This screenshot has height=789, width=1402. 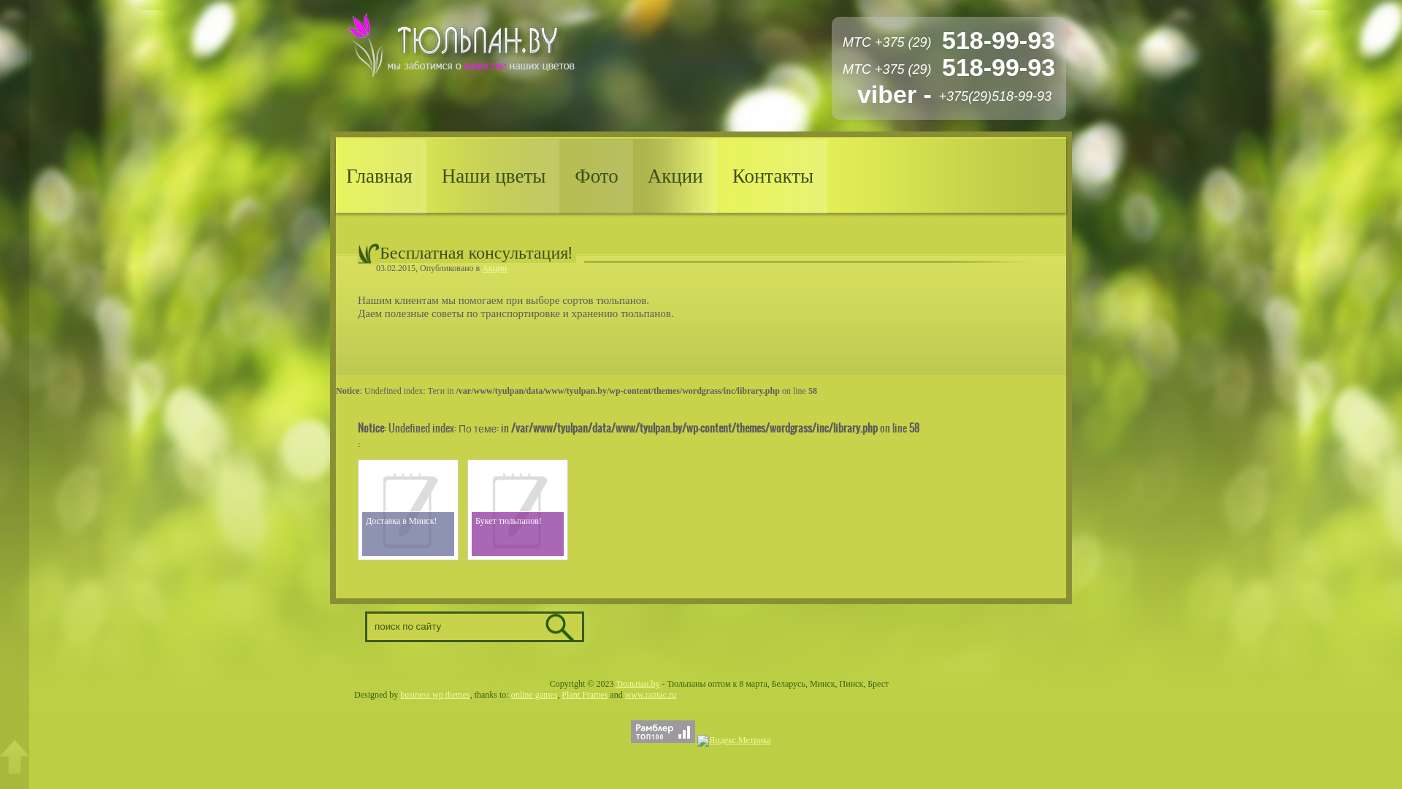 I want to click on 'Rambler's Top100', so click(x=662, y=731).